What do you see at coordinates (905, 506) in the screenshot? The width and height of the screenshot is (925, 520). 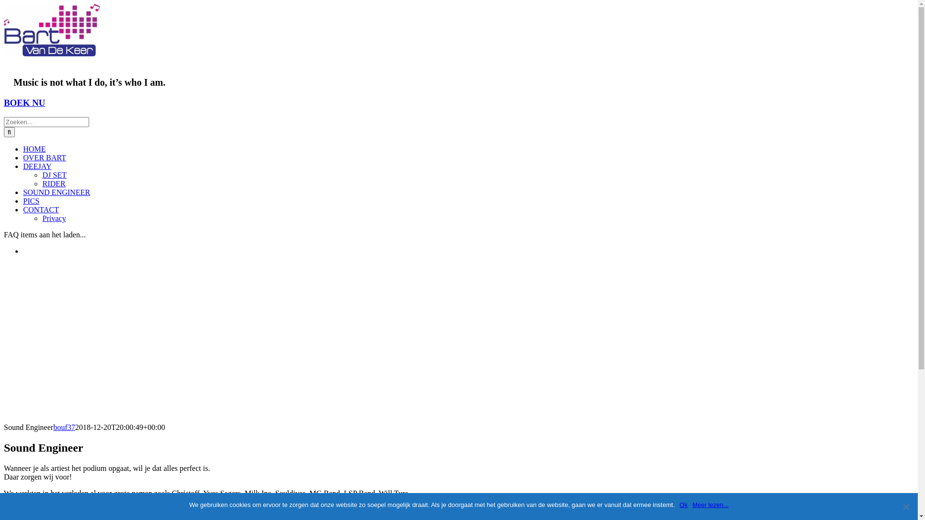 I see `'No'` at bounding box center [905, 506].